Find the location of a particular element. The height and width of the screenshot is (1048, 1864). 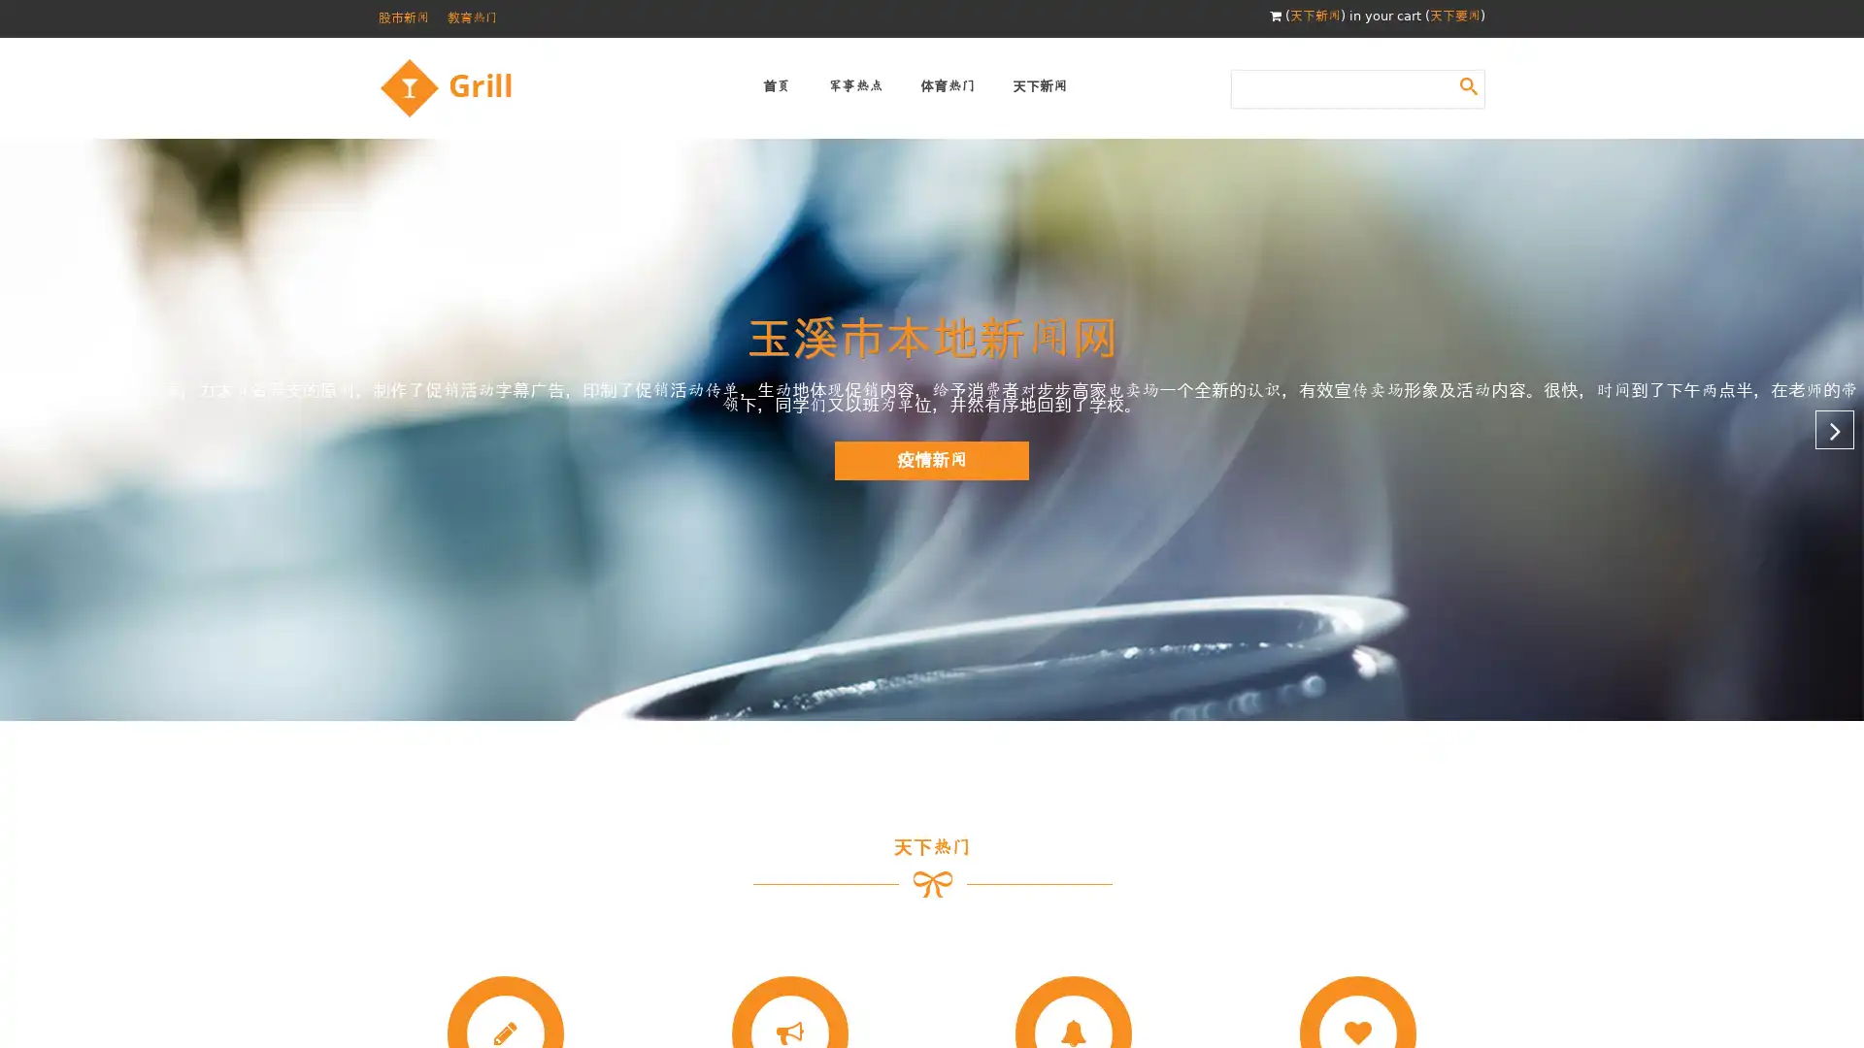

Submit is located at coordinates (1468, 84).